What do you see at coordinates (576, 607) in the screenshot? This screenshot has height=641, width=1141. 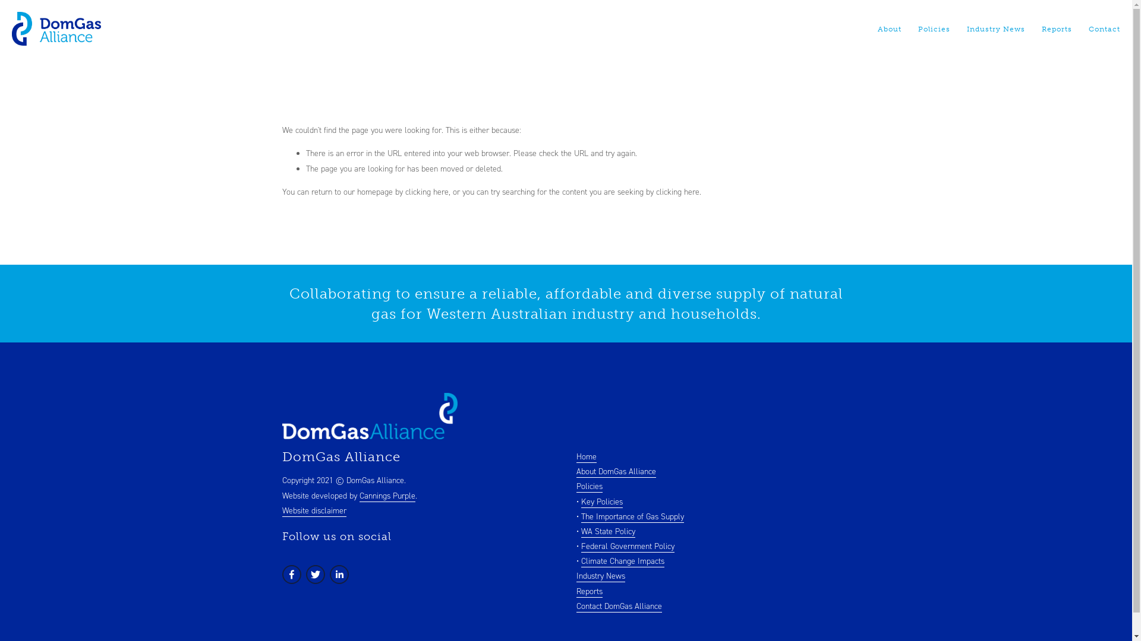 I see `'Contact DomGas Alliance'` at bounding box center [576, 607].